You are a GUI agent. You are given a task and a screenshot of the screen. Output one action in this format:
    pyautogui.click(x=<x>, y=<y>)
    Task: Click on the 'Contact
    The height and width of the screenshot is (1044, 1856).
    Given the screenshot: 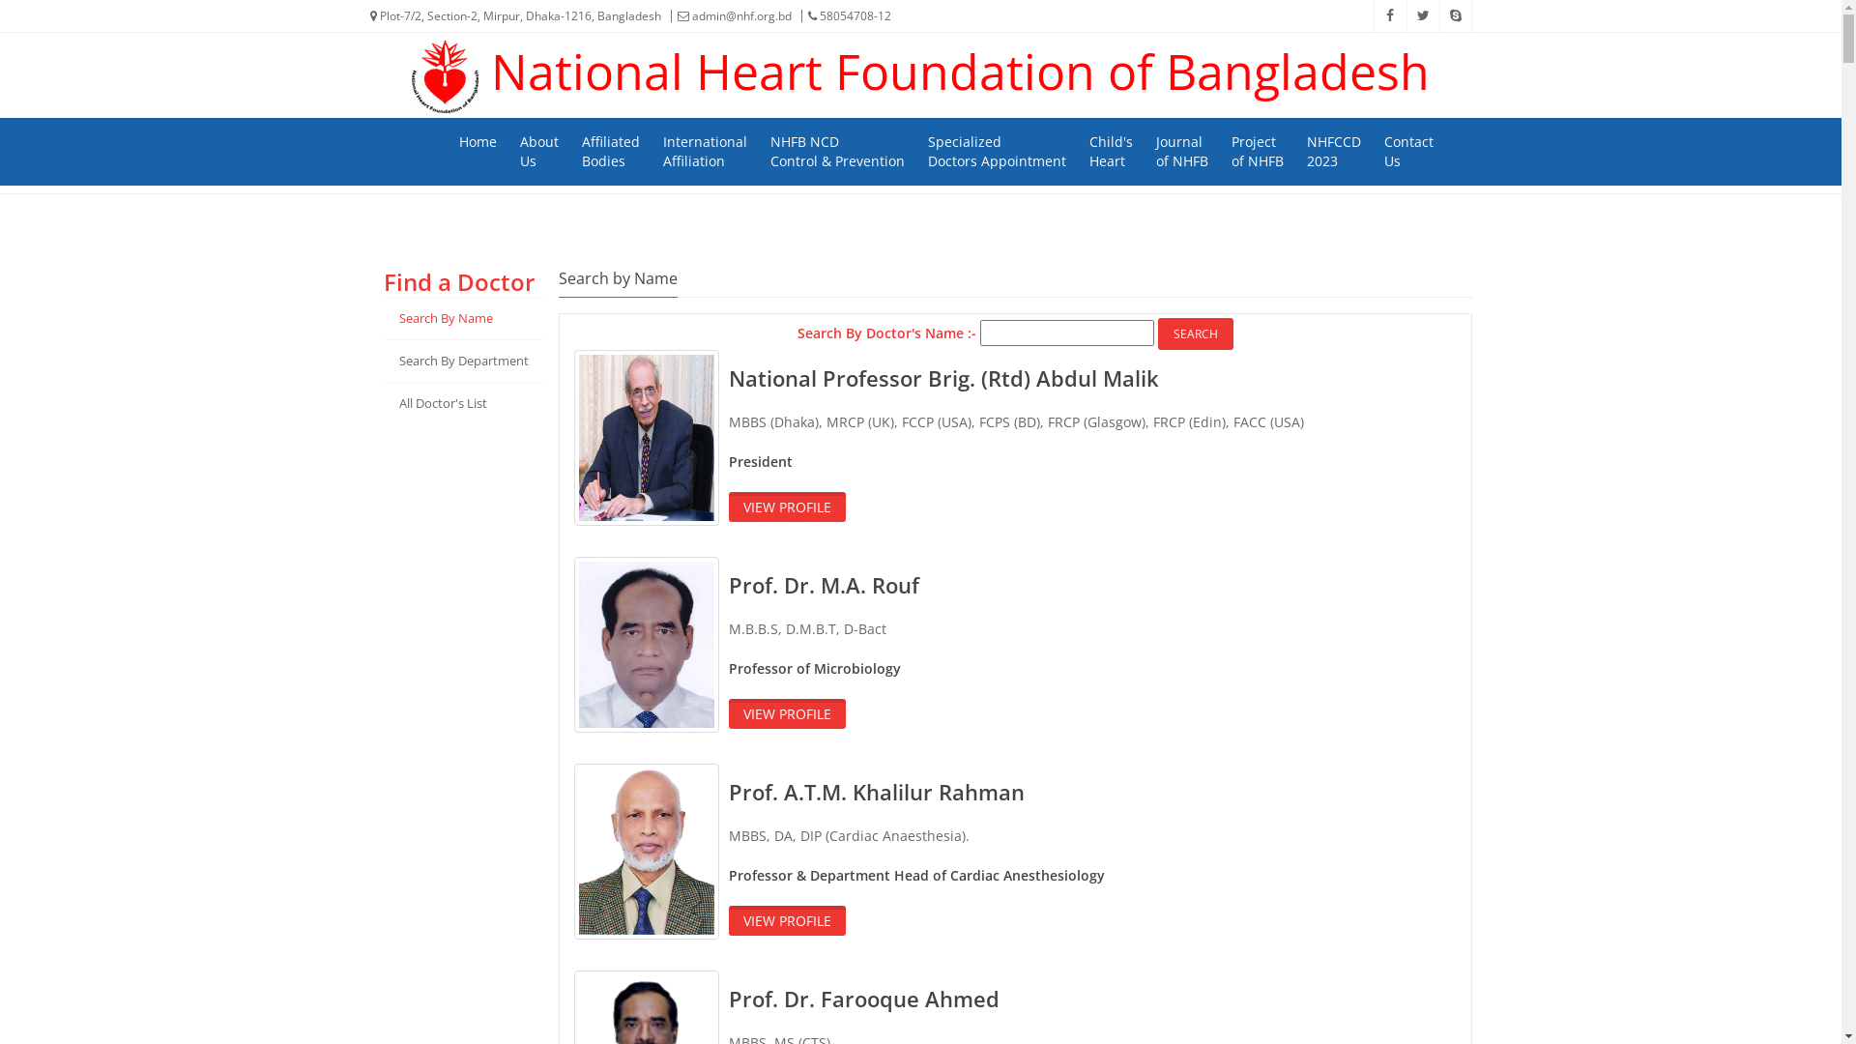 What is the action you would take?
    pyautogui.click(x=1407, y=151)
    